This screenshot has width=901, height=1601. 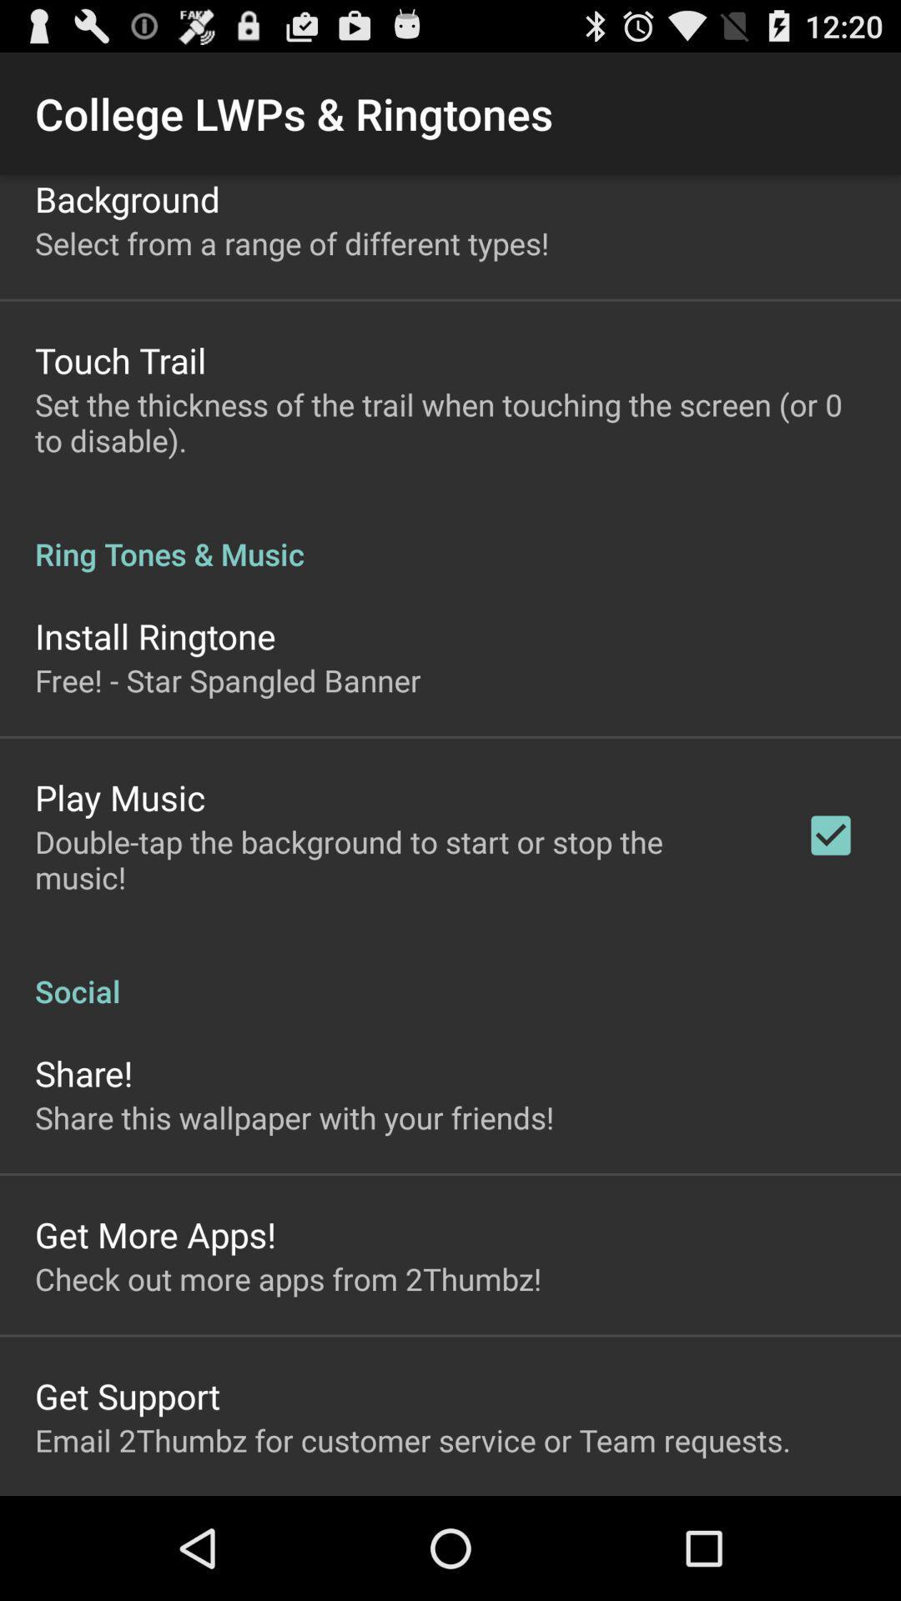 I want to click on the item to the right of the double tap the, so click(x=830, y=836).